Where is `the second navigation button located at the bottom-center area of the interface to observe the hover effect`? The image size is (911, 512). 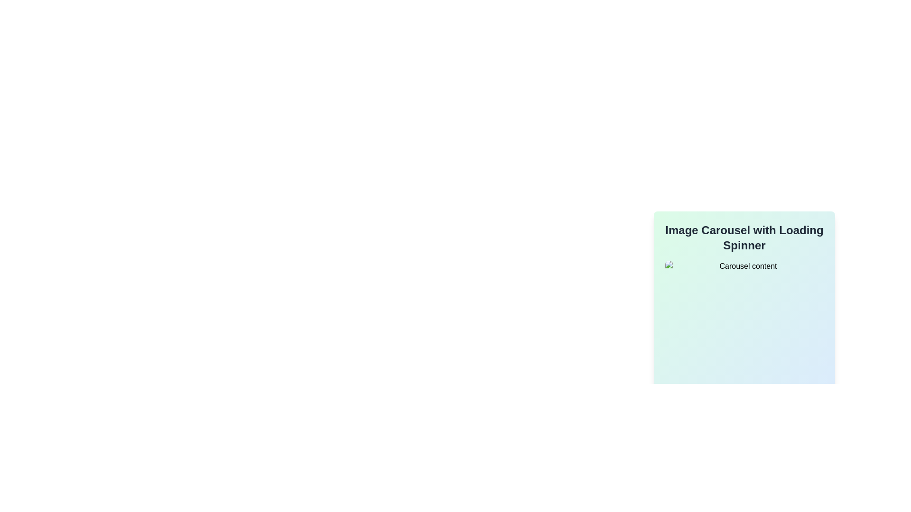 the second navigation button located at the bottom-center area of the interface to observe the hover effect is located at coordinates (775, 399).